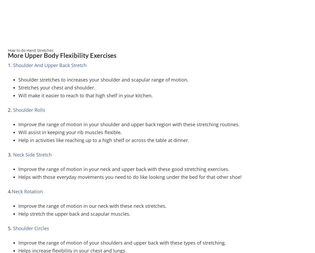  Describe the element at coordinates (32, 154) in the screenshot. I see `'Neck Side Stretch'` at that location.